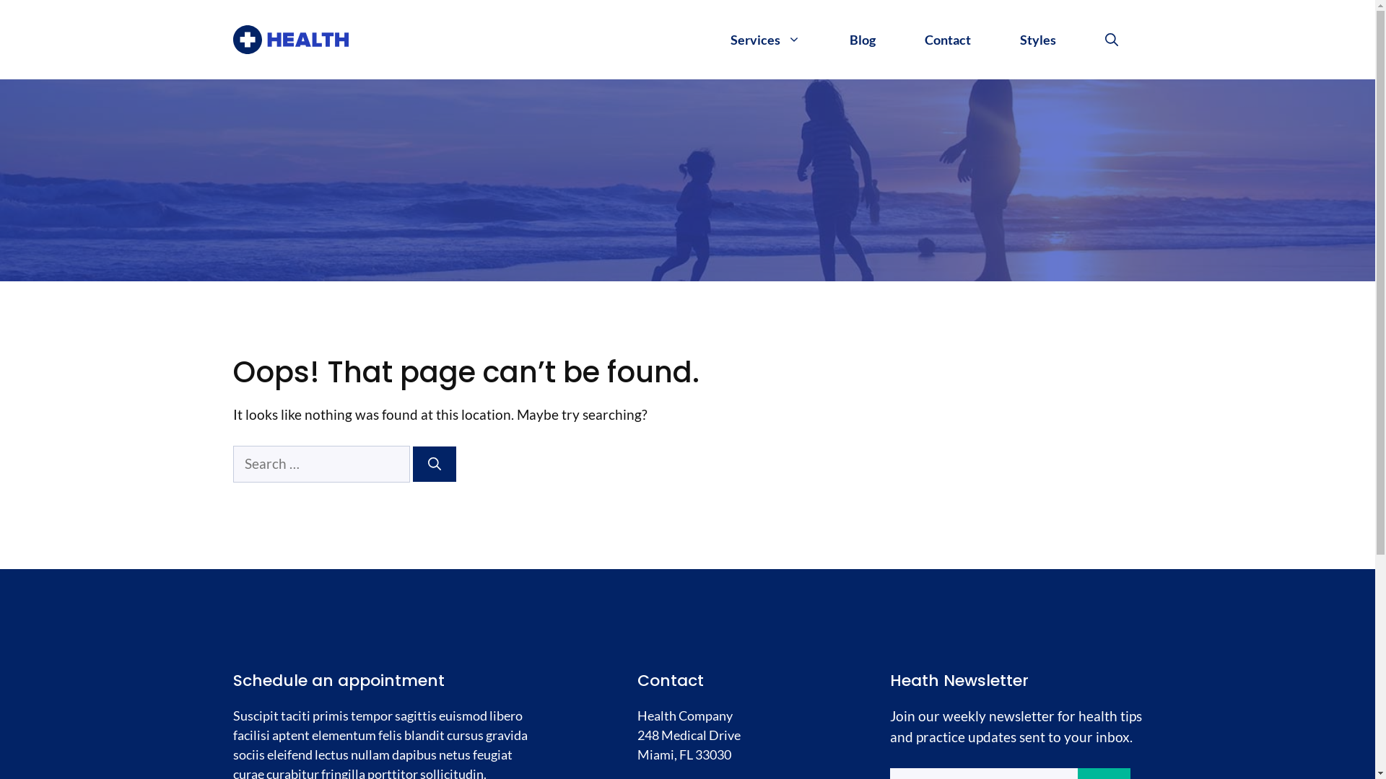 Image resolution: width=1386 pixels, height=779 pixels. What do you see at coordinates (862, 38) in the screenshot?
I see `'Blog'` at bounding box center [862, 38].